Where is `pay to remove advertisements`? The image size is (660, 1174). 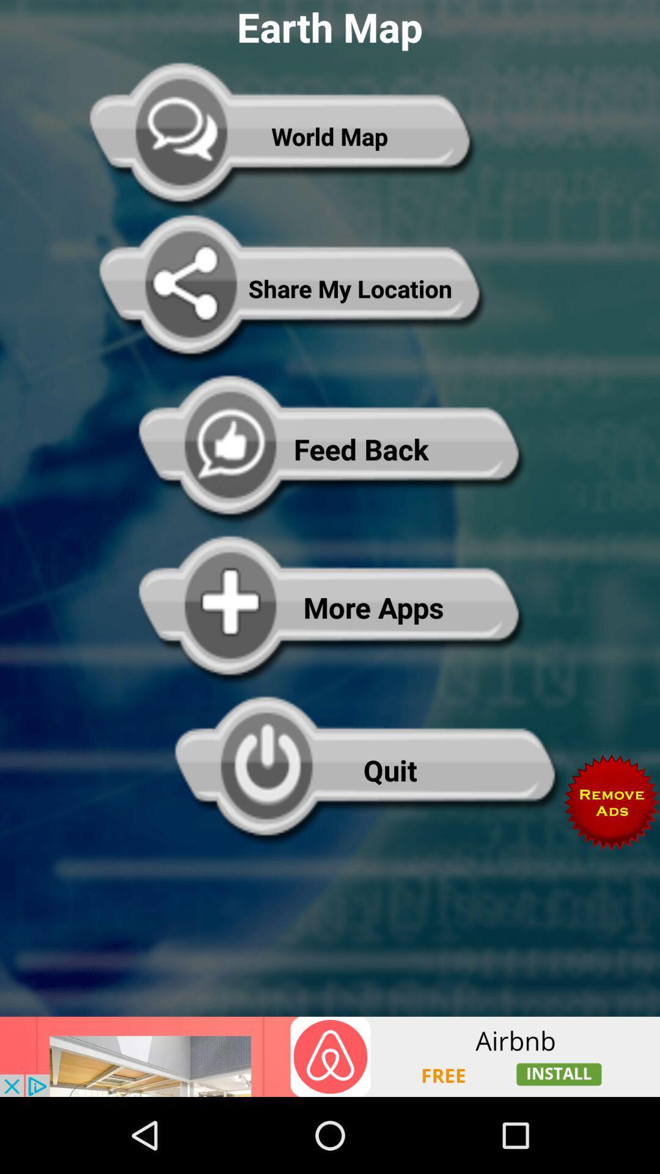 pay to remove advertisements is located at coordinates (612, 802).